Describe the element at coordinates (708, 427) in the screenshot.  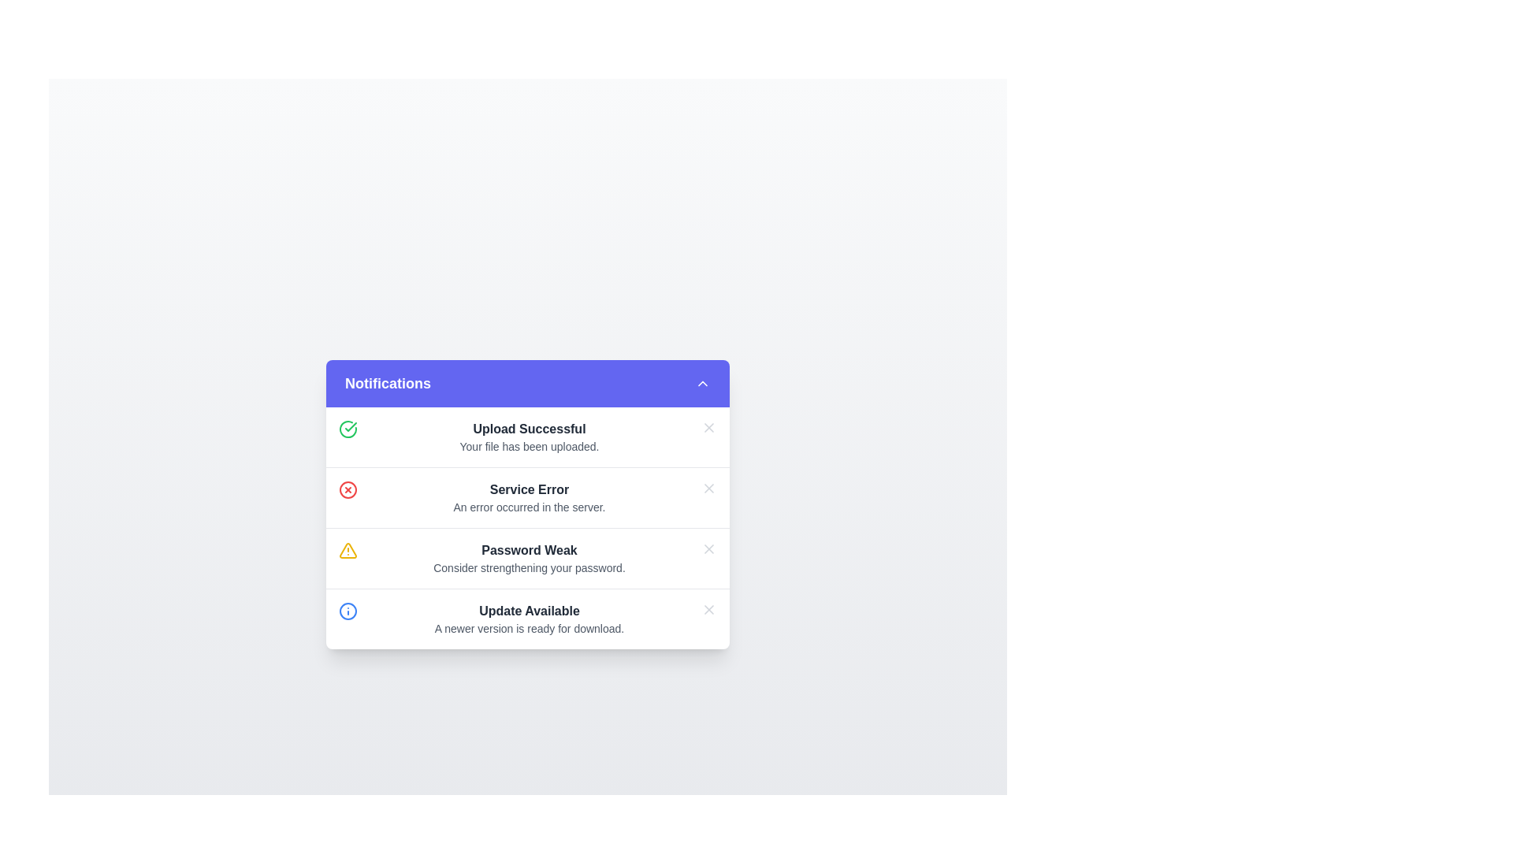
I see `the button at the far-right end of the 'Upload Successful' notification` at that location.